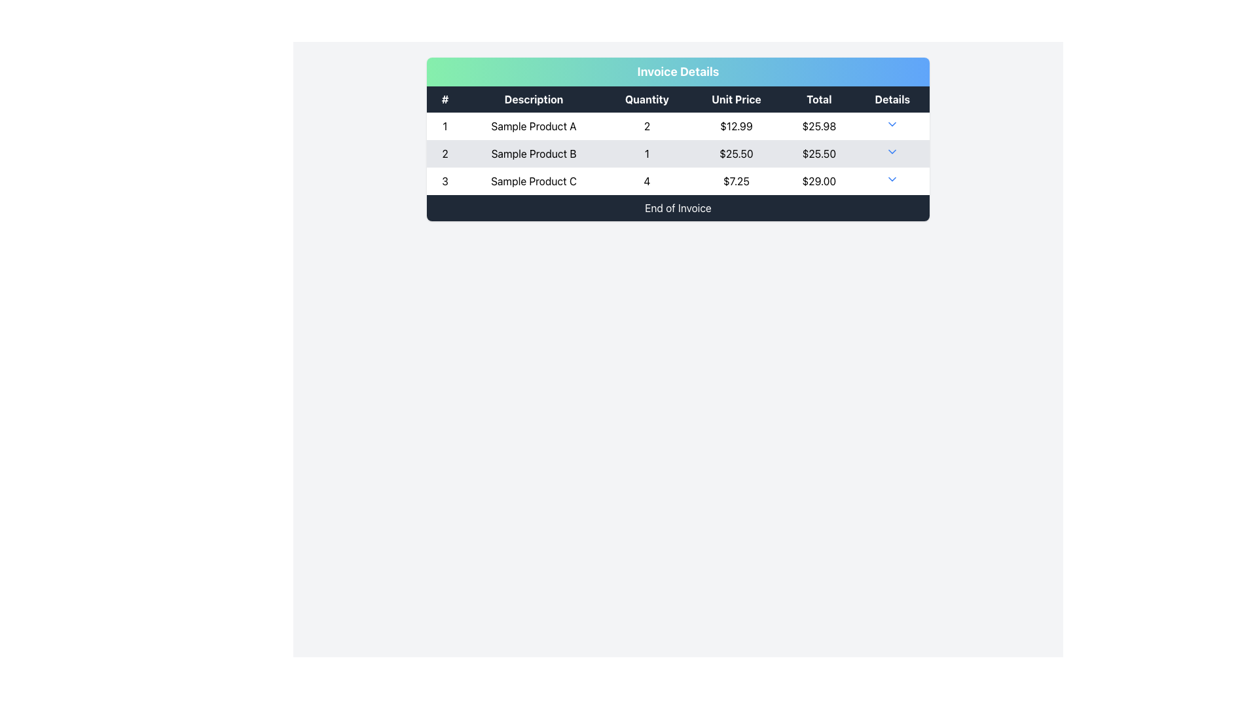 The image size is (1257, 707). What do you see at coordinates (534, 126) in the screenshot?
I see `the text label displaying 'Sample Product A' located in the first row of the table under the 'Description' column` at bounding box center [534, 126].